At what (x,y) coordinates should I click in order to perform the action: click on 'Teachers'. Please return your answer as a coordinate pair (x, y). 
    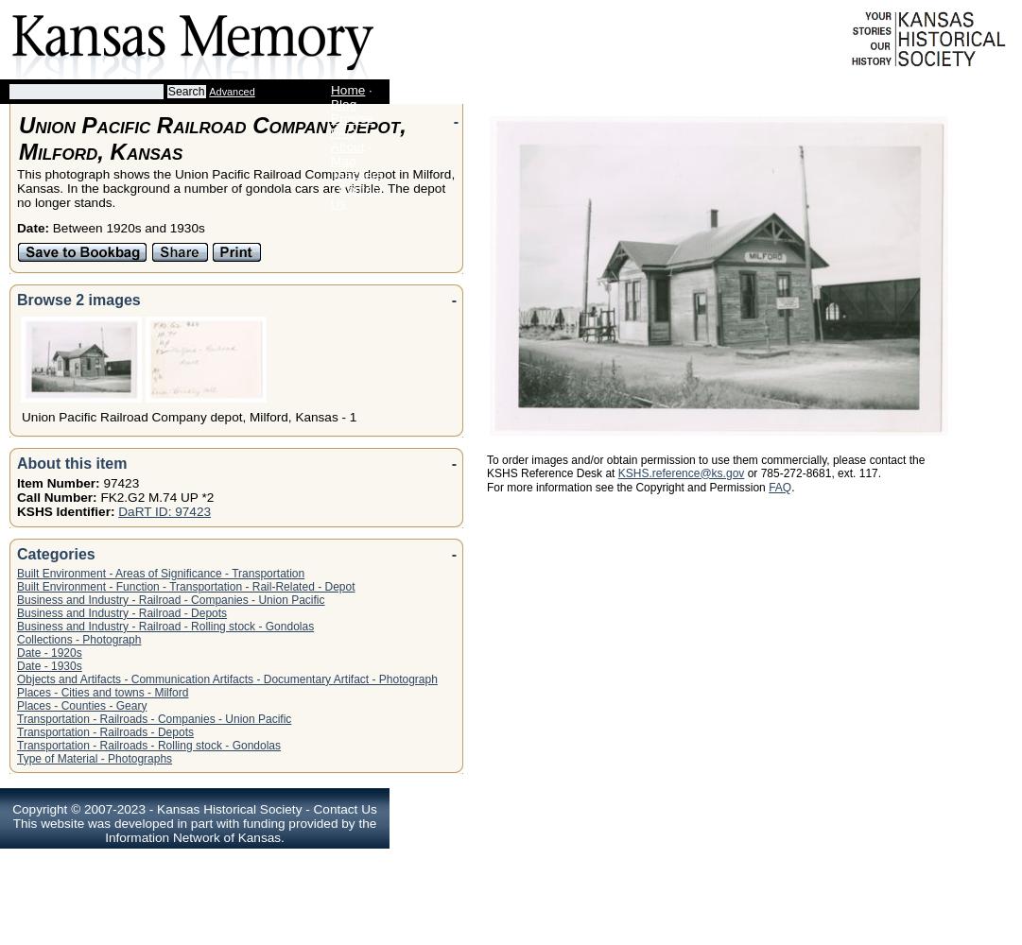
    Looking at the image, I should click on (355, 175).